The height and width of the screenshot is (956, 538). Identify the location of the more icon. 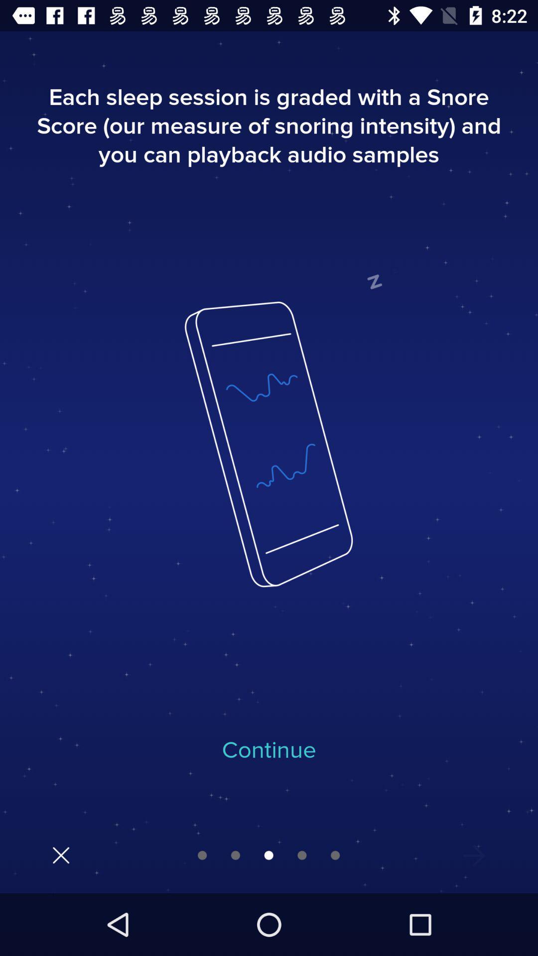
(474, 855).